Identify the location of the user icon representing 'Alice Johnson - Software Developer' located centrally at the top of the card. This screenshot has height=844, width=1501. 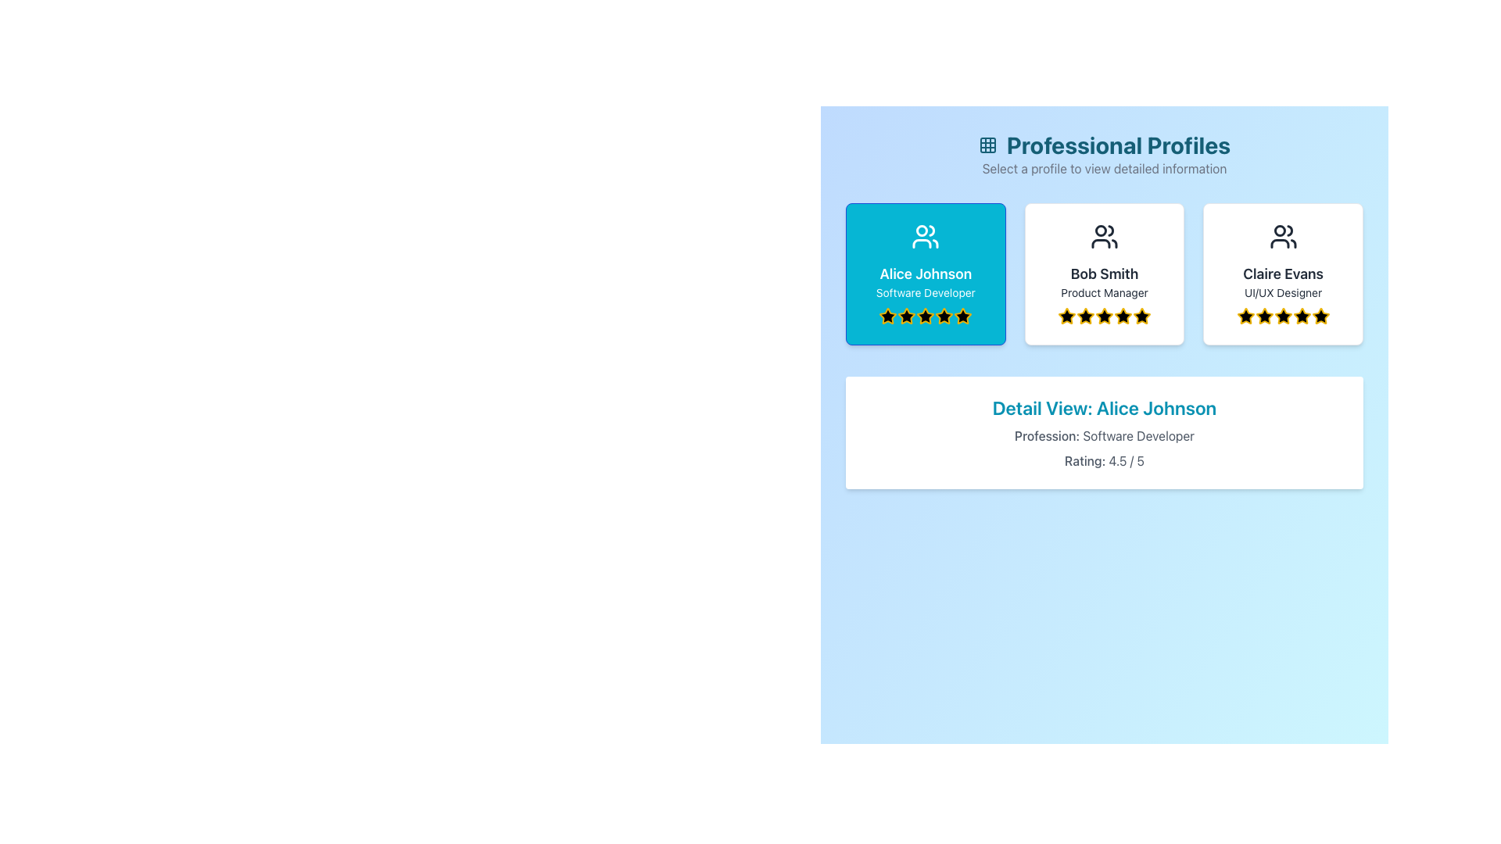
(926, 237).